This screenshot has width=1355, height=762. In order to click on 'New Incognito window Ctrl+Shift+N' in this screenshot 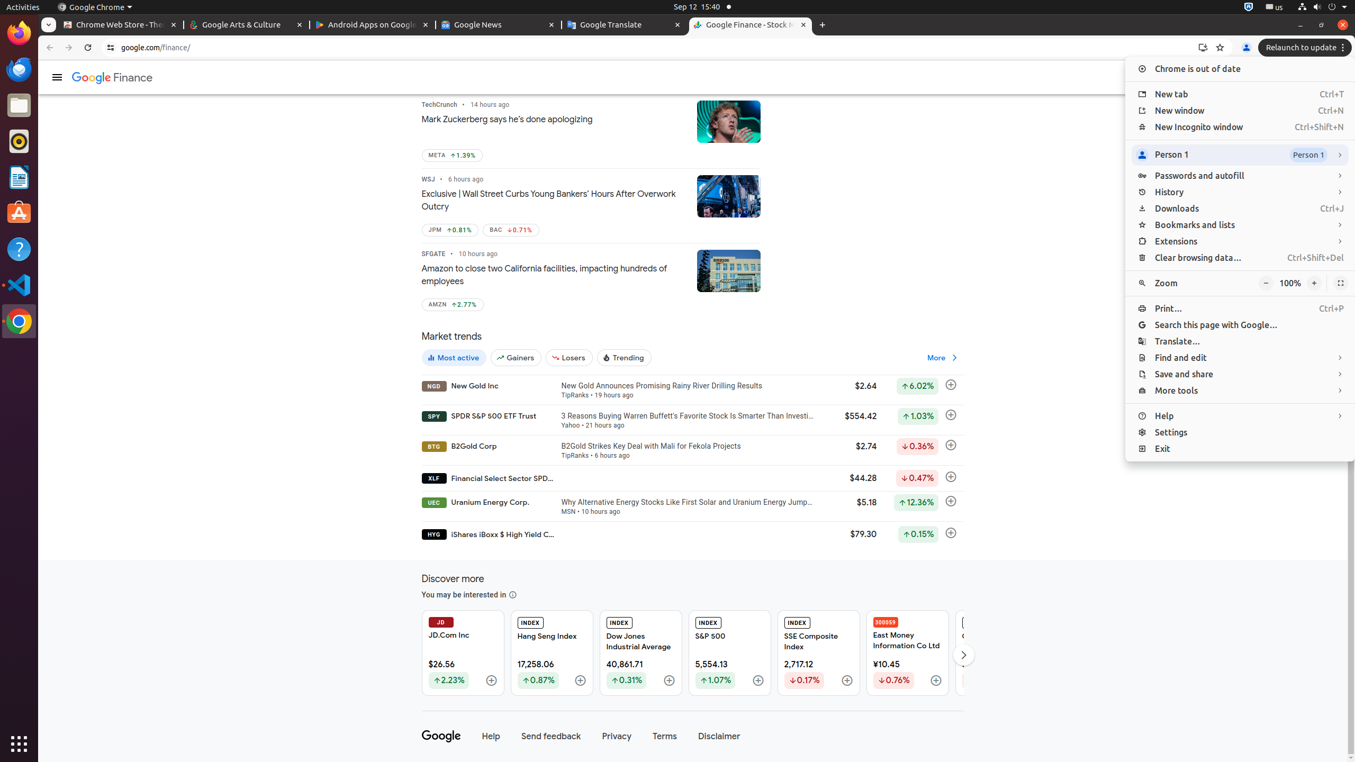, I will do `click(1239, 127)`.